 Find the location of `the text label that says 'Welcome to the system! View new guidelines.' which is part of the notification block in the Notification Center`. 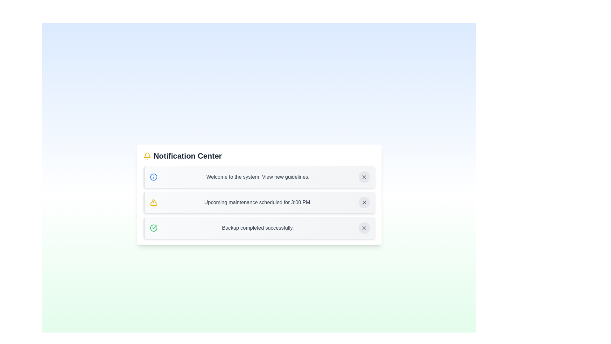

the text label that says 'Welcome to the system! View new guidelines.' which is part of the notification block in the Notification Center is located at coordinates (258, 177).